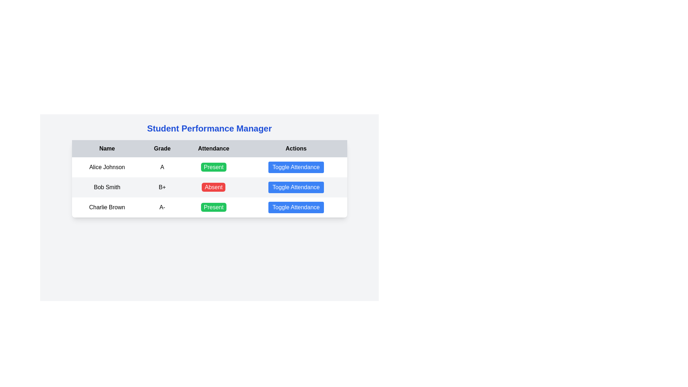 The width and height of the screenshot is (688, 387). Describe the element at coordinates (296, 187) in the screenshot. I see `the rectangular button with blue background and white text reading 'Toggle Attendance' located in the Actions column of the second row for user 'Bob Smith'` at that location.